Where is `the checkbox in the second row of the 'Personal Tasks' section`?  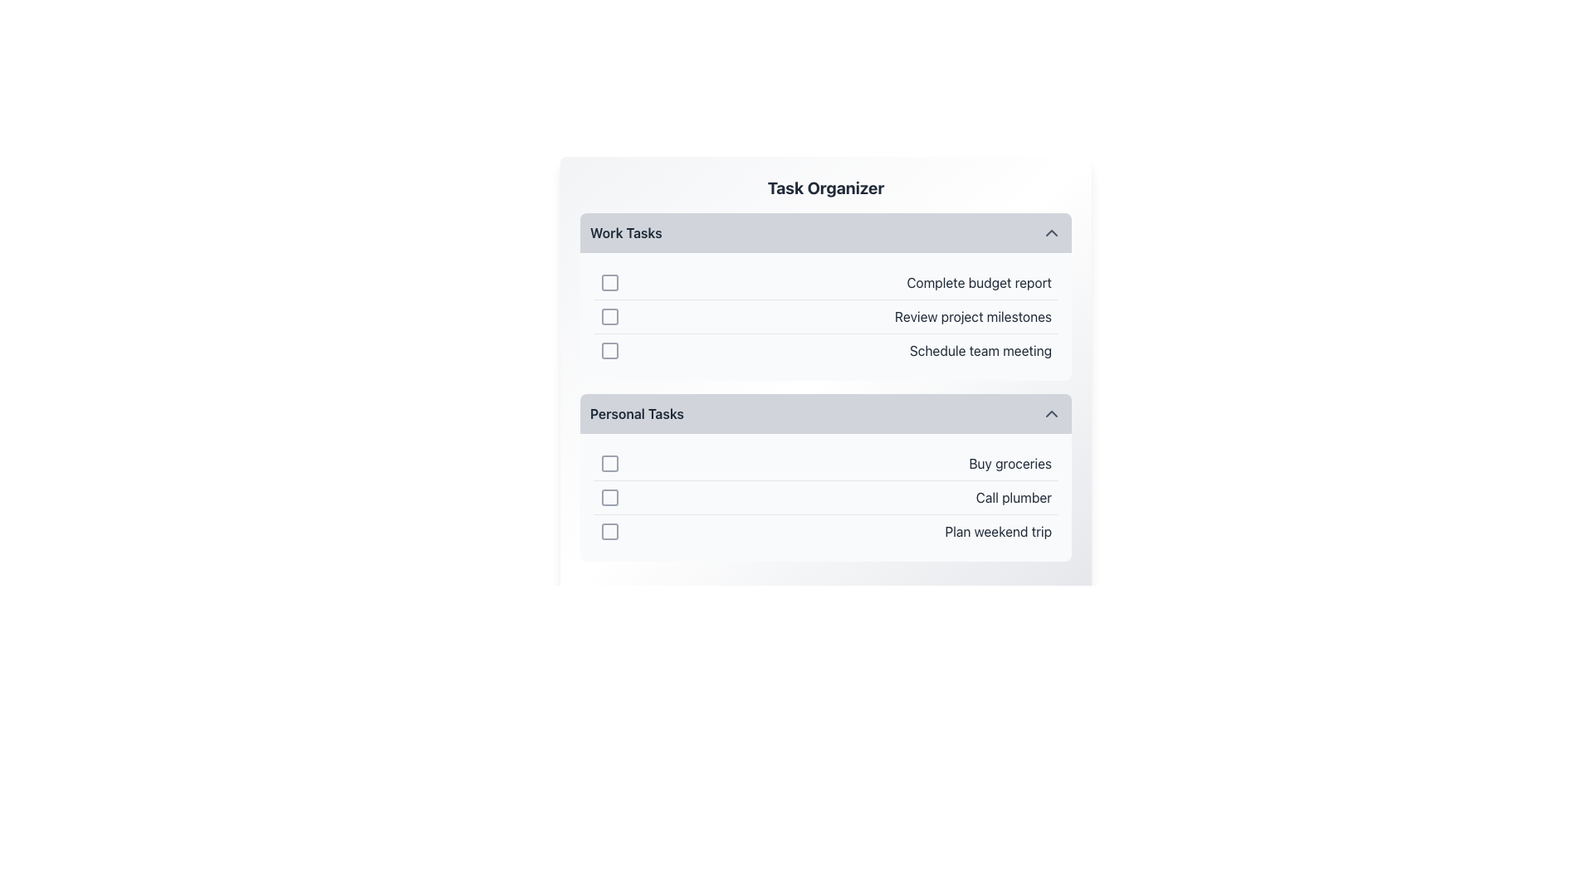
the checkbox in the second row of the 'Personal Tasks' section is located at coordinates (825, 497).